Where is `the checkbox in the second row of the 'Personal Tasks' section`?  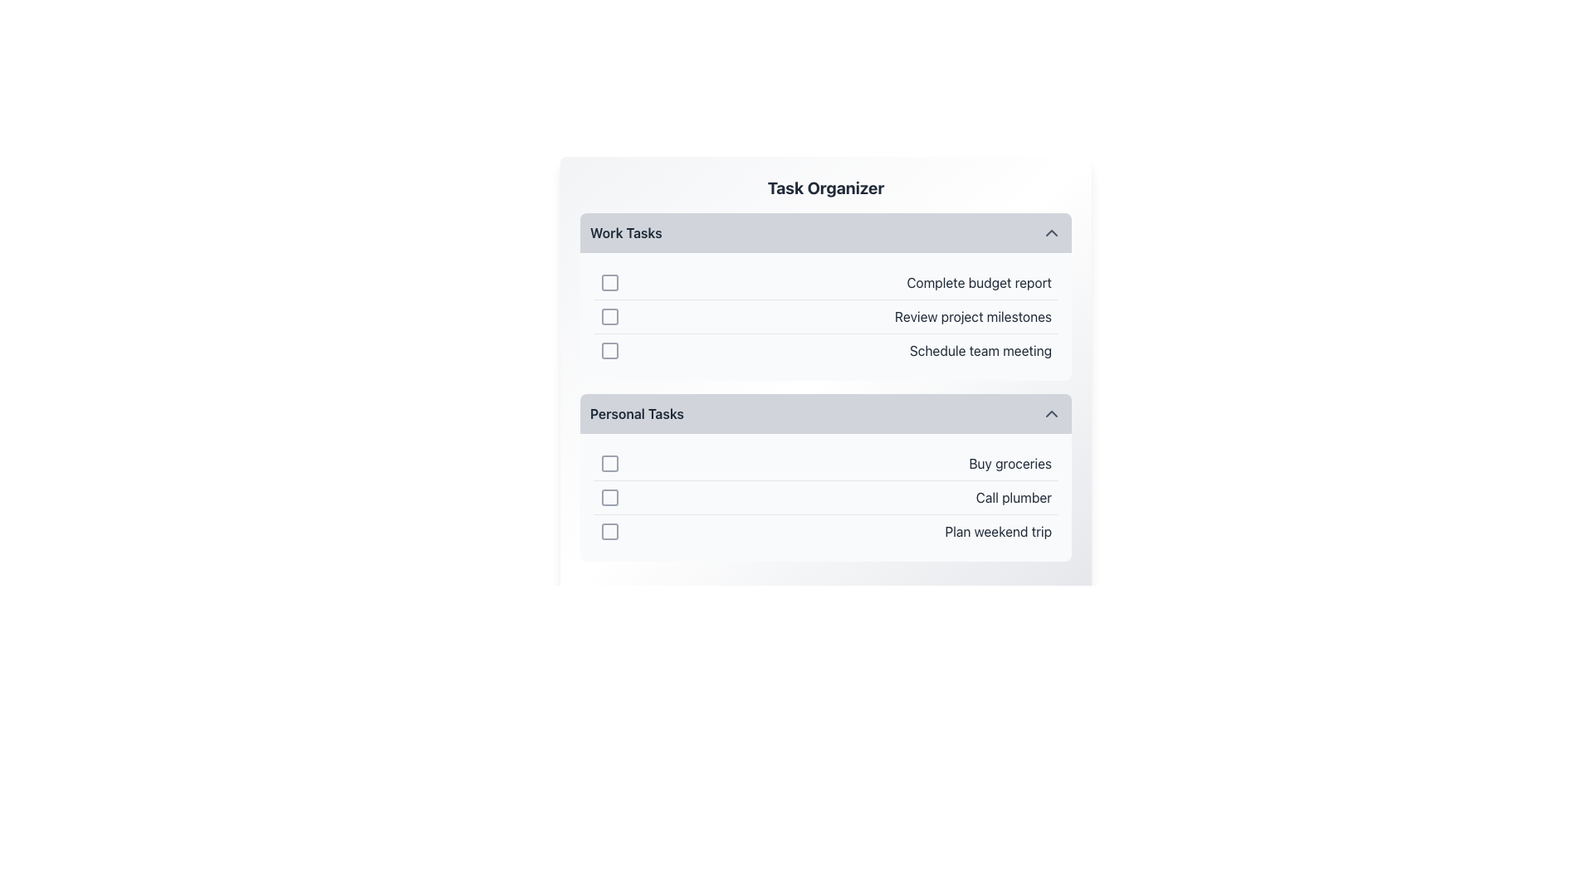
the checkbox in the second row of the 'Personal Tasks' section is located at coordinates (825, 497).